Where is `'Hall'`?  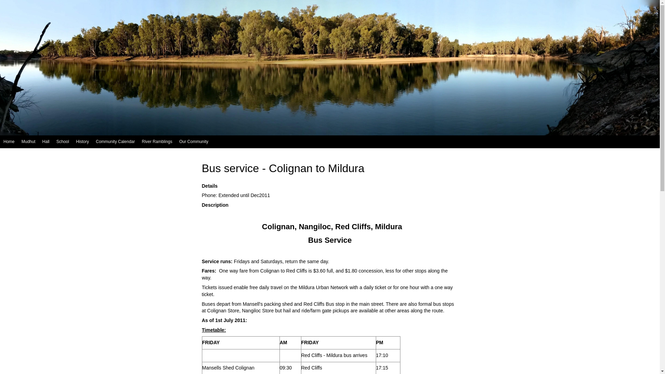
'Hall' is located at coordinates (45, 141).